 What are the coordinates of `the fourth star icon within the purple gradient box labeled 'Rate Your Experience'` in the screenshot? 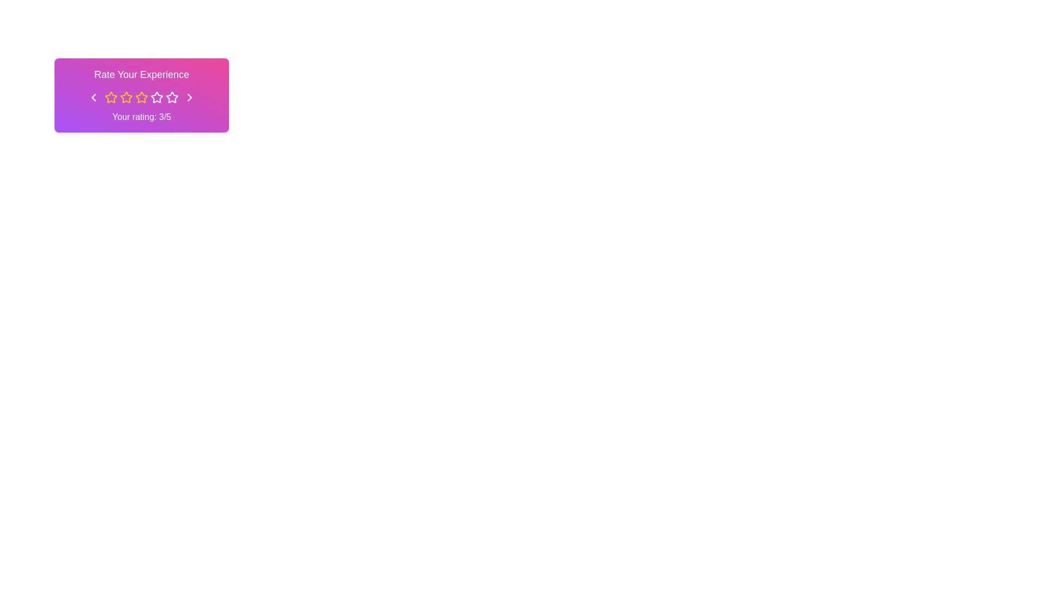 It's located at (141, 97).